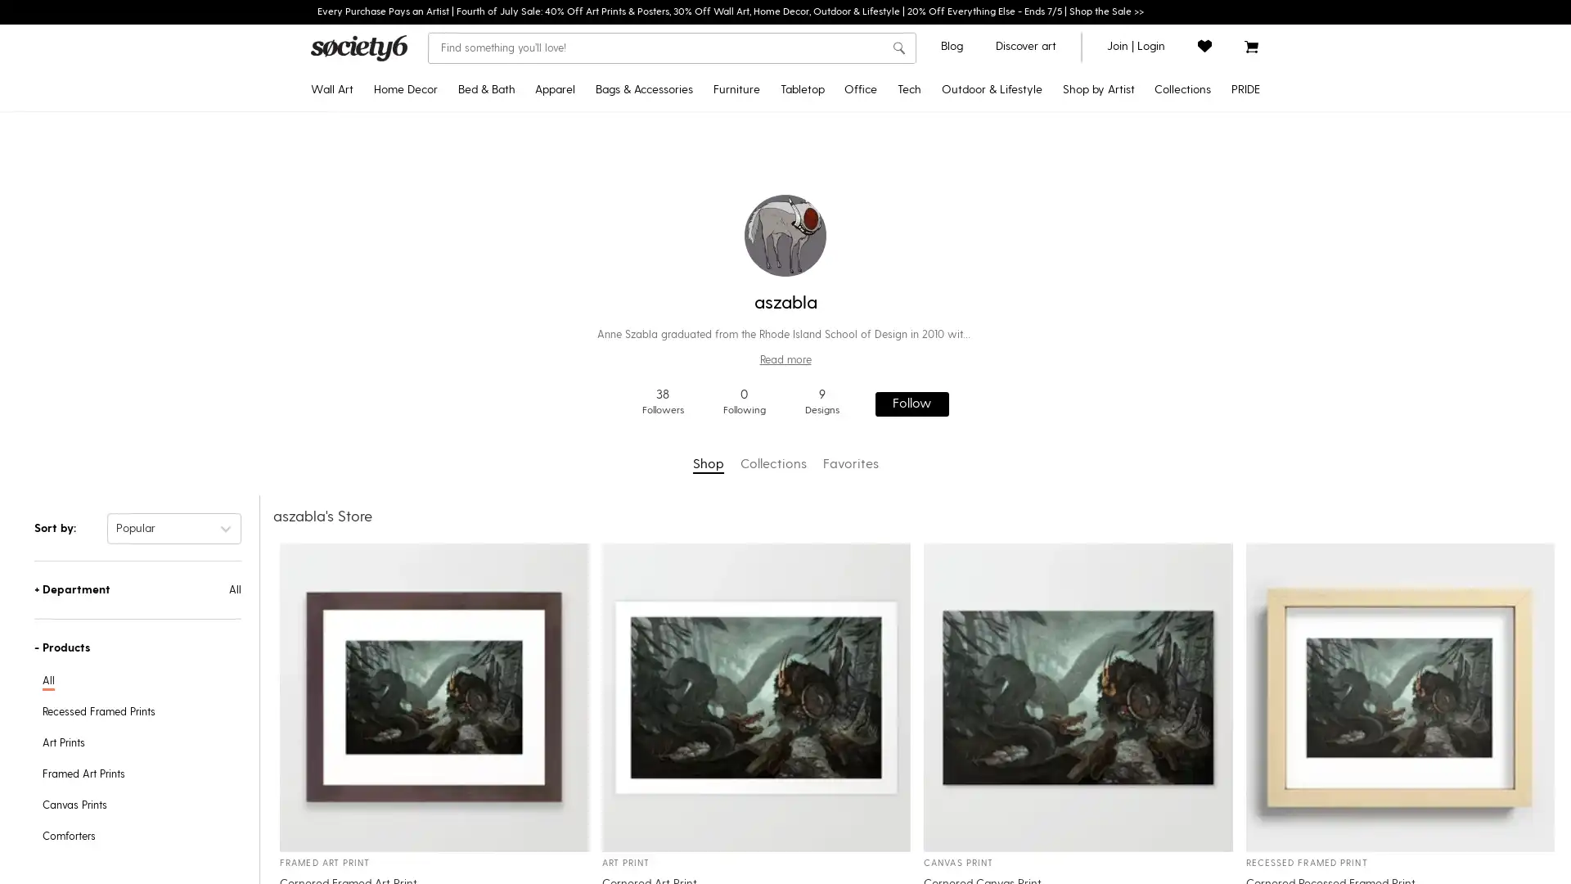 This screenshot has width=1571, height=884. What do you see at coordinates (1013, 342) in the screenshot?
I see `Can Coolers` at bounding box center [1013, 342].